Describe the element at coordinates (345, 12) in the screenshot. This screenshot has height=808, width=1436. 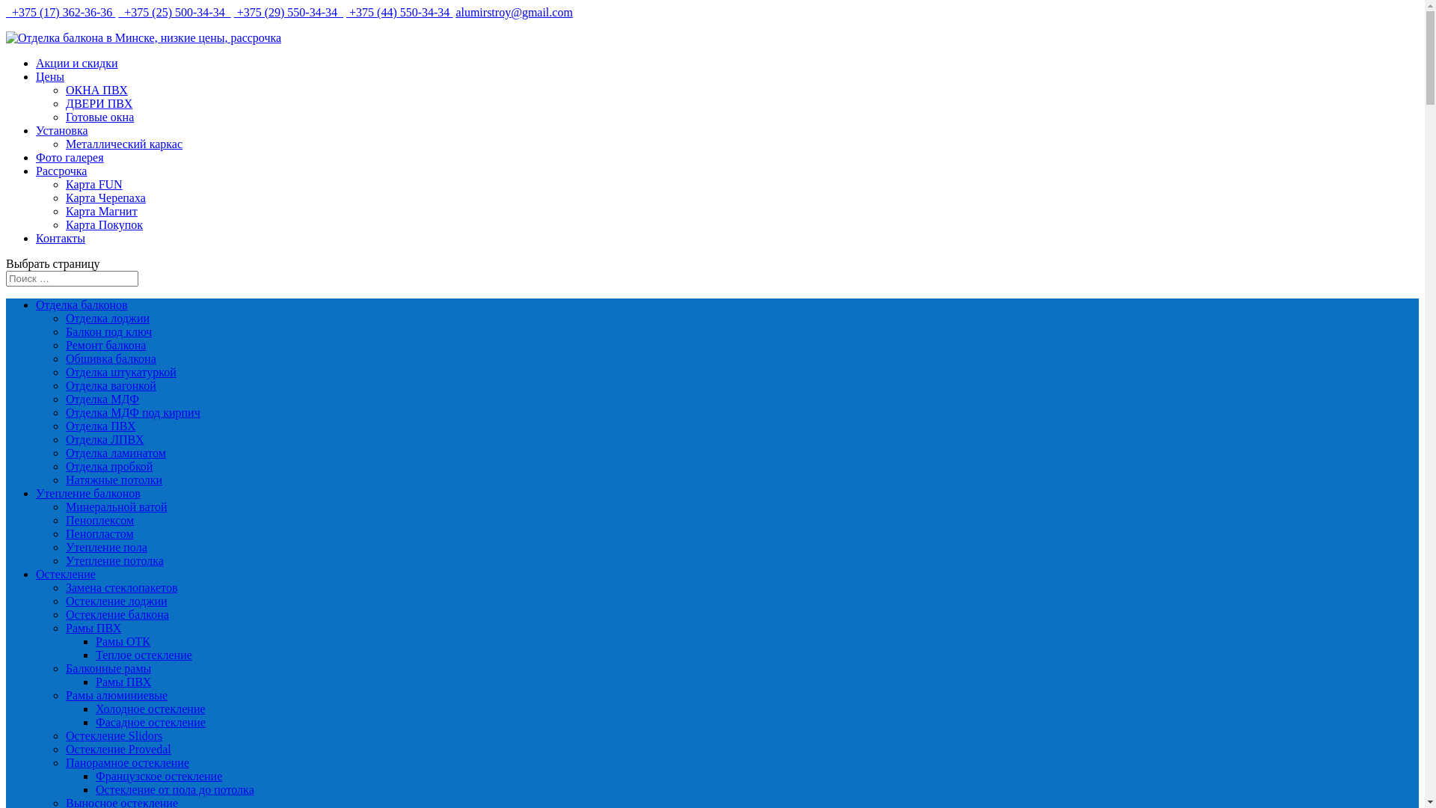
I see `' +375 (44) 550-34-34 '` at that location.